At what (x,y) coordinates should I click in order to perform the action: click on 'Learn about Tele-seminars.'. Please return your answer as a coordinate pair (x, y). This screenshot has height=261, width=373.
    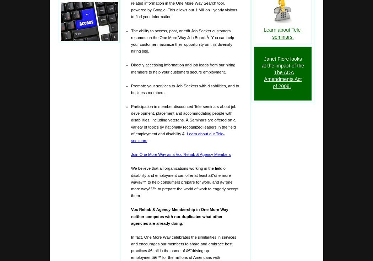
    Looking at the image, I should click on (282, 33).